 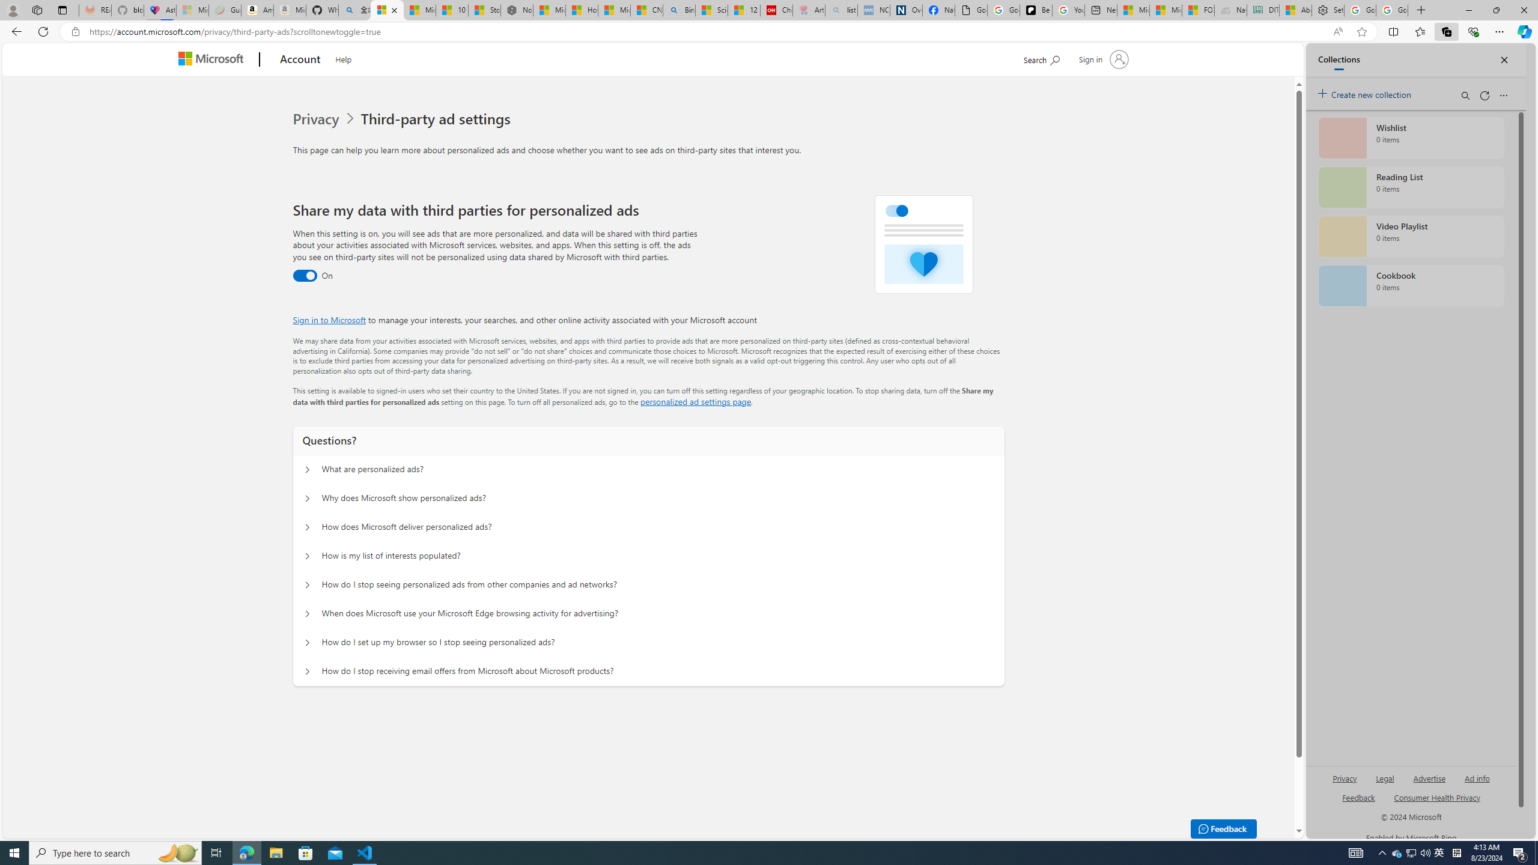 What do you see at coordinates (1473, 31) in the screenshot?
I see `'Browser essentials'` at bounding box center [1473, 31].